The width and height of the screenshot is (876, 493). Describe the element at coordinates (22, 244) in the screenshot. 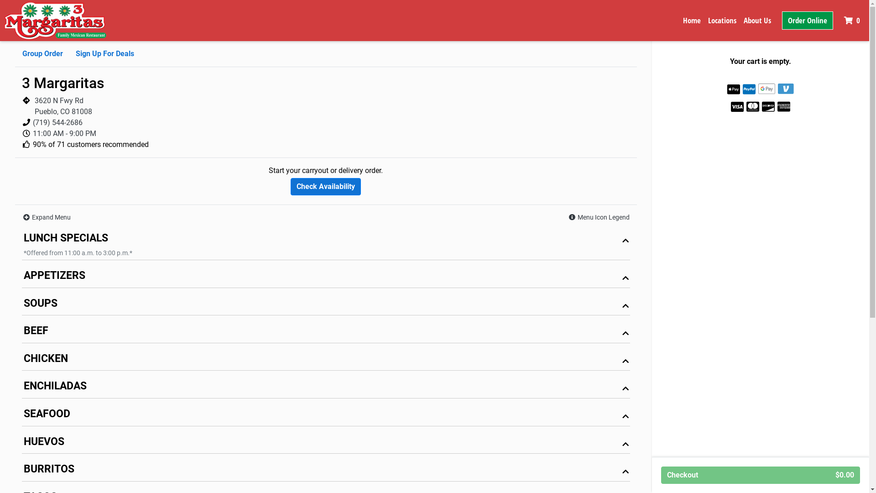

I see `'LUNCH SPECIALS` at that location.